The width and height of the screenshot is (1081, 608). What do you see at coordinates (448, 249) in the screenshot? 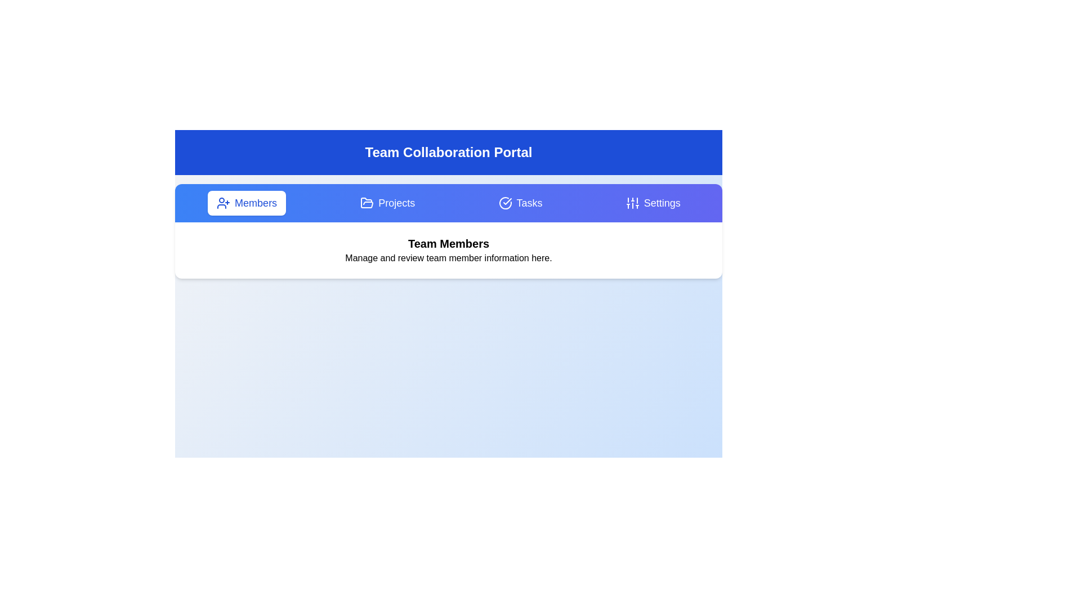
I see `the static text block titled 'Team Members' which provides instructions to manage and review team member information` at bounding box center [448, 249].